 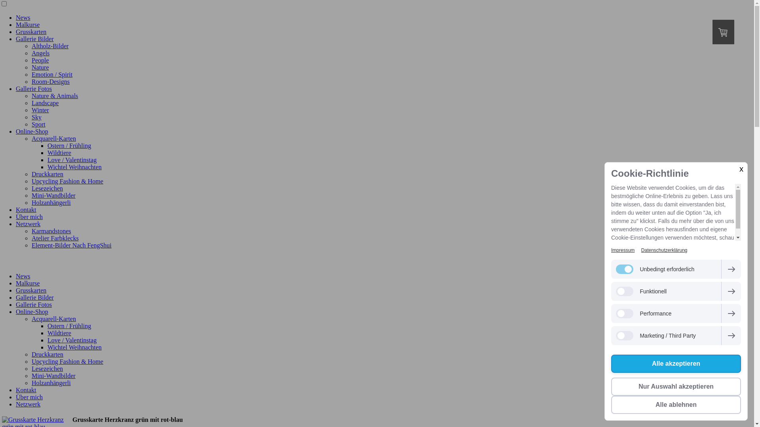 What do you see at coordinates (72, 340) in the screenshot?
I see `'Love / Valentinstag'` at bounding box center [72, 340].